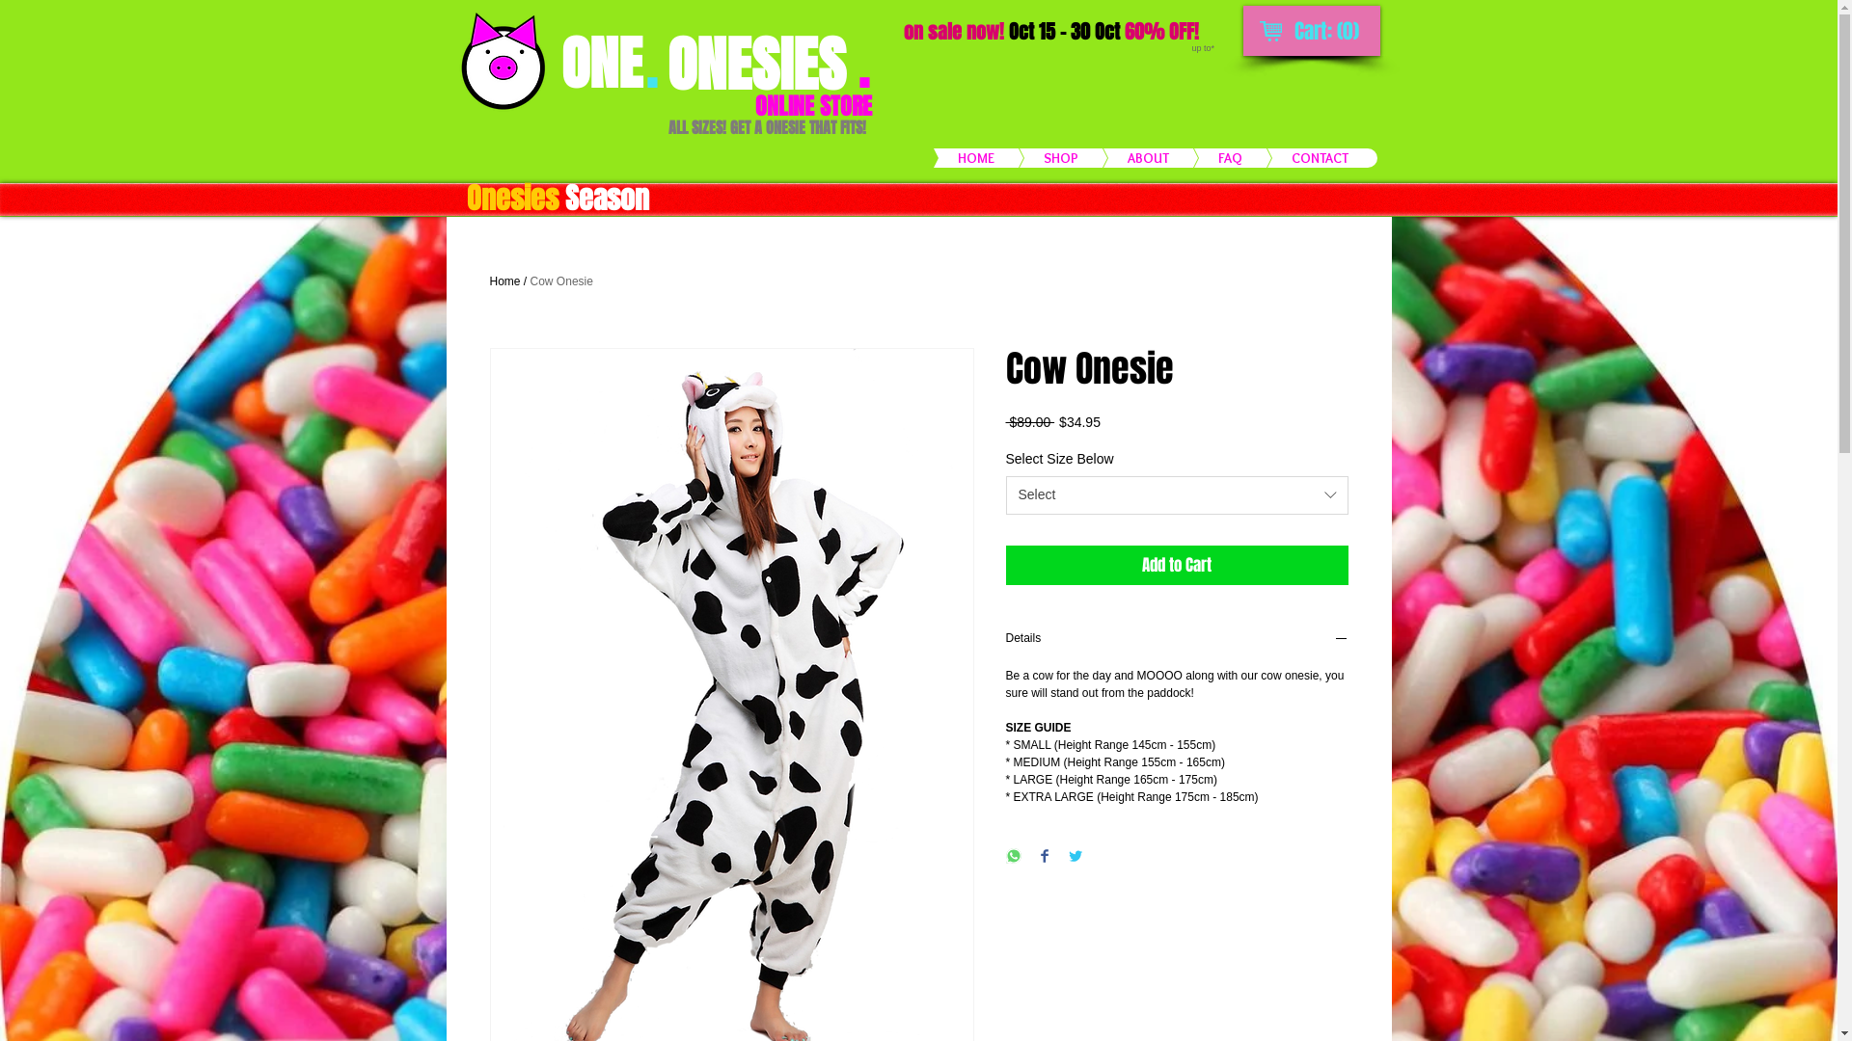 This screenshot has width=1852, height=1041. Describe the element at coordinates (1290, 157) in the screenshot. I see `'CONTACT'` at that location.